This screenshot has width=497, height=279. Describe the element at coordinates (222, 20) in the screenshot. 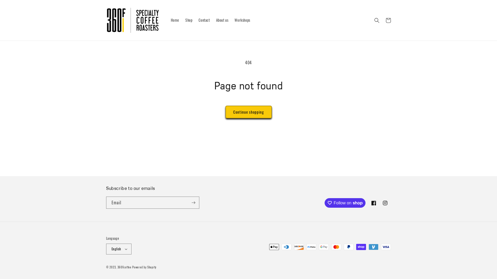

I see `'About us'` at that location.